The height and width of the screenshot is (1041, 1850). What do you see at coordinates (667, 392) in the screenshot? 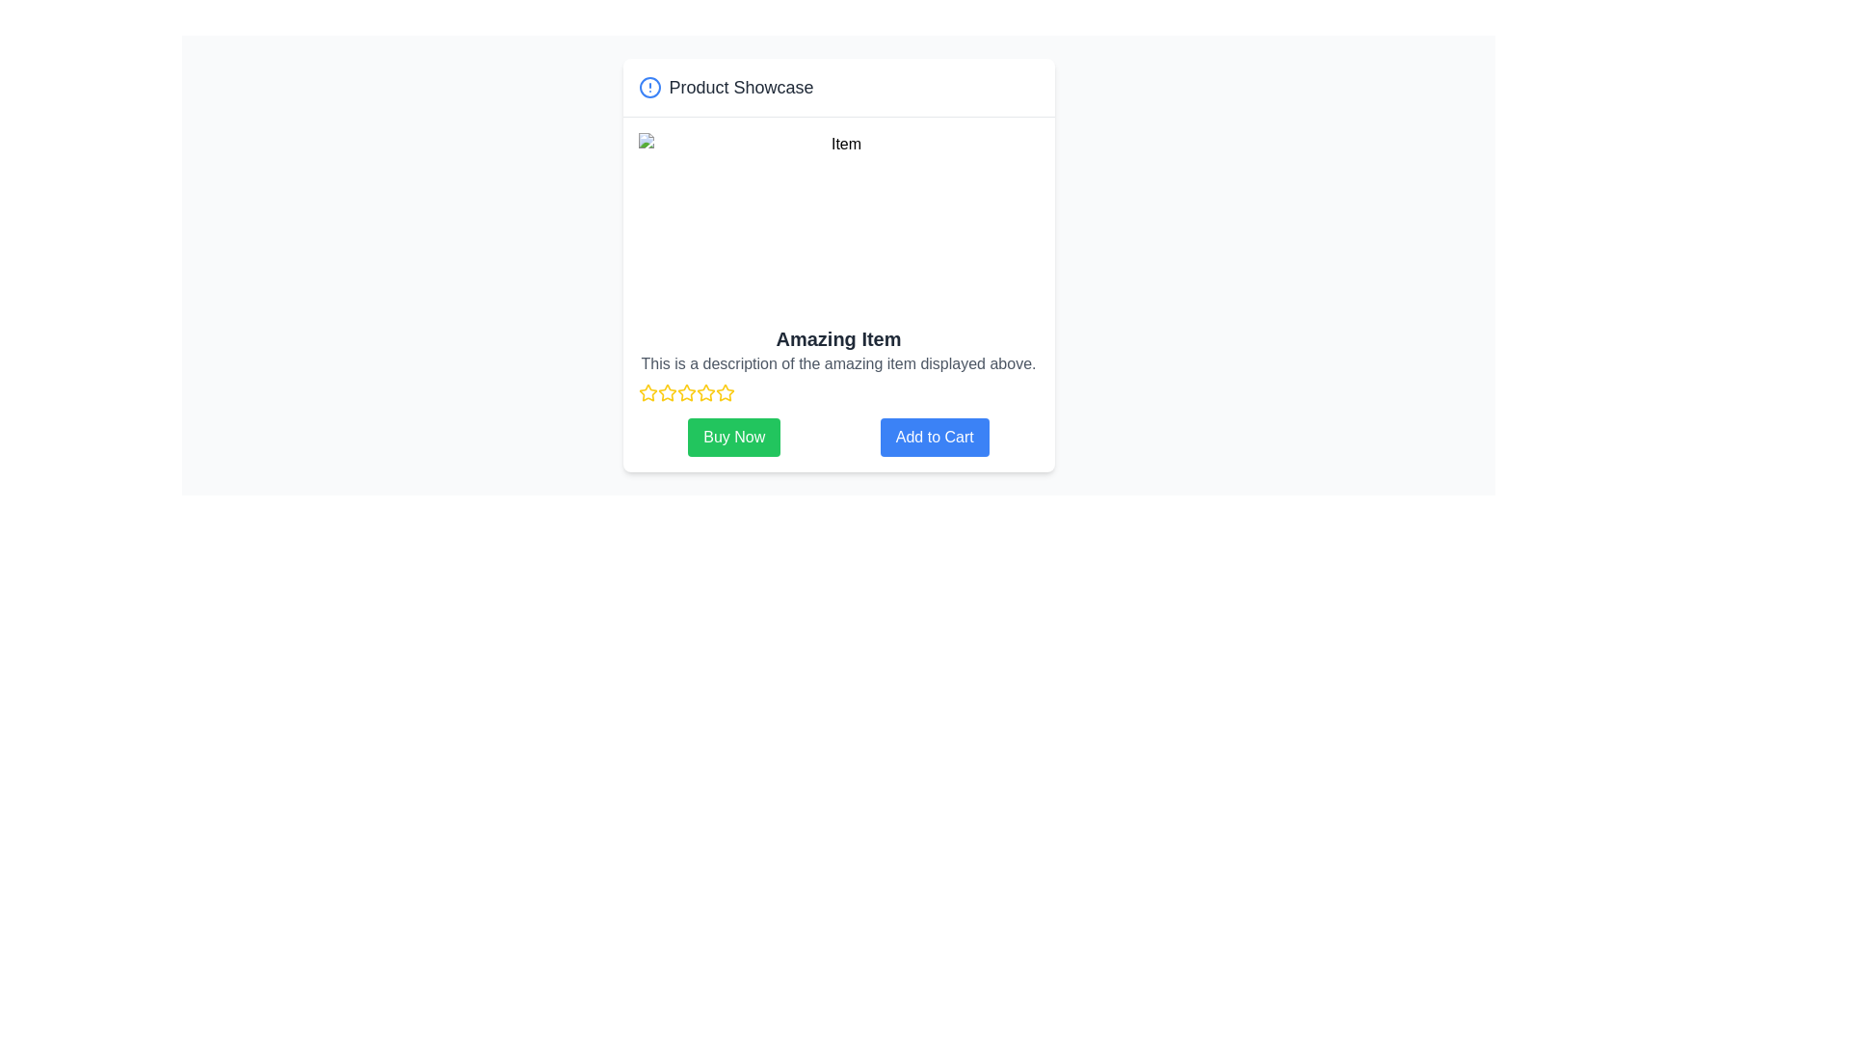
I see `the third star icon with a yellow outline in the rating system on the product display card` at bounding box center [667, 392].